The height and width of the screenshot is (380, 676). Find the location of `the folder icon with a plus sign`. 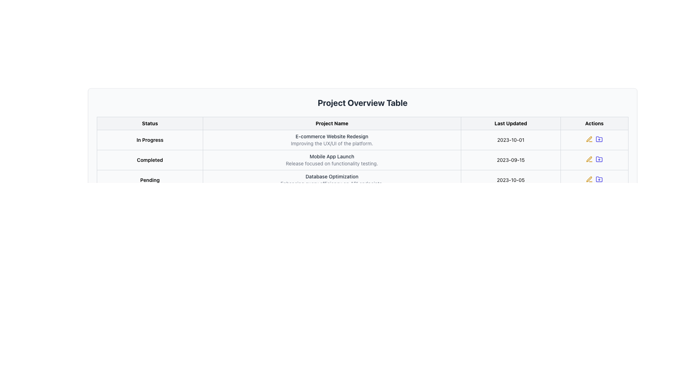

the folder icon with a plus sign is located at coordinates (599, 159).